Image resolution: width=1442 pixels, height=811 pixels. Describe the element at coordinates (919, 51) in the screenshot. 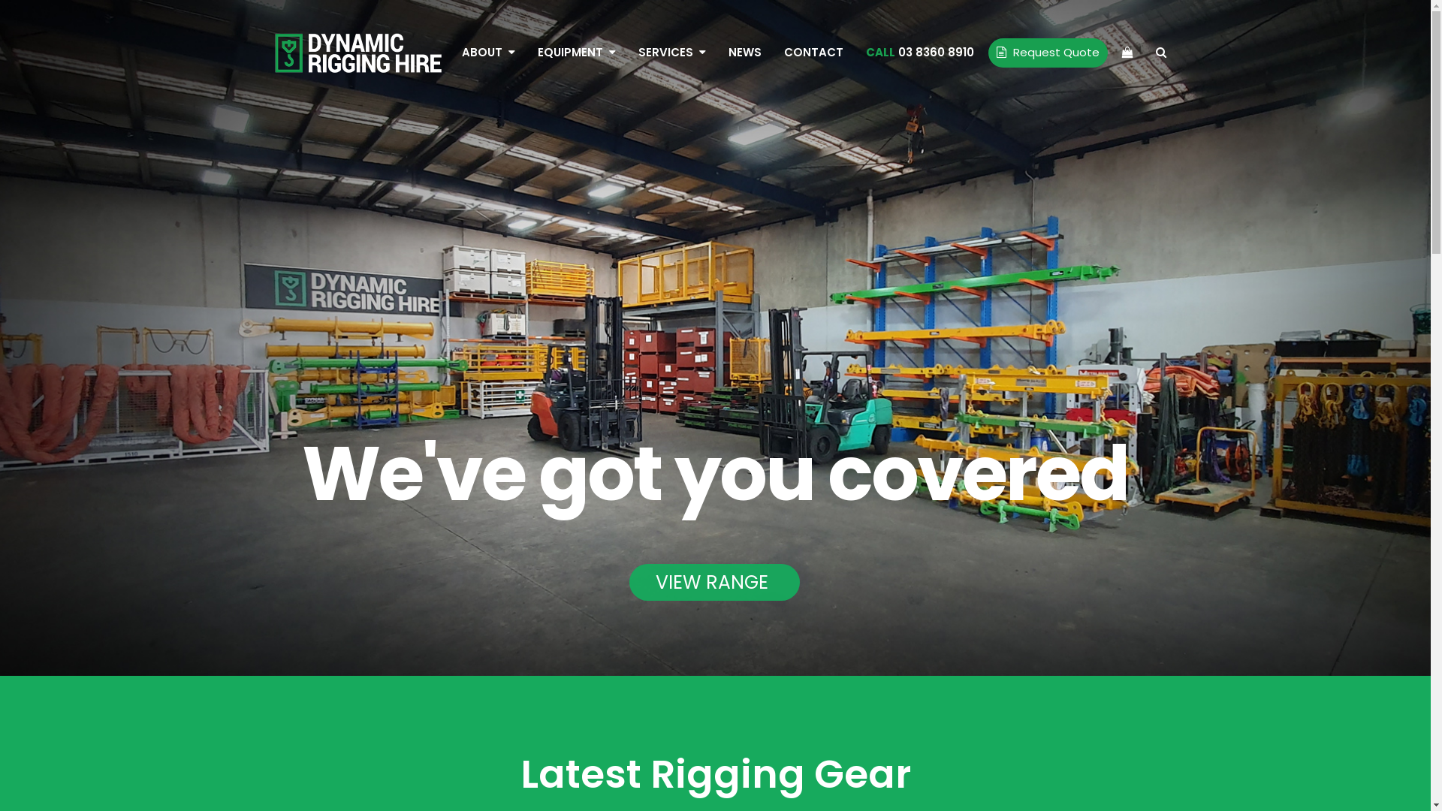

I see `'CALL 03 8360 8910'` at that location.